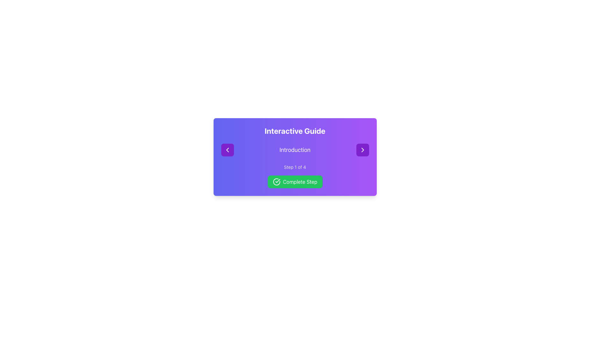 The height and width of the screenshot is (344, 612). What do you see at coordinates (295, 150) in the screenshot?
I see `the Text label indicating the current step in the tutorial, which is centrally positioned above the smaller label 'Step 1 of 4'` at bounding box center [295, 150].